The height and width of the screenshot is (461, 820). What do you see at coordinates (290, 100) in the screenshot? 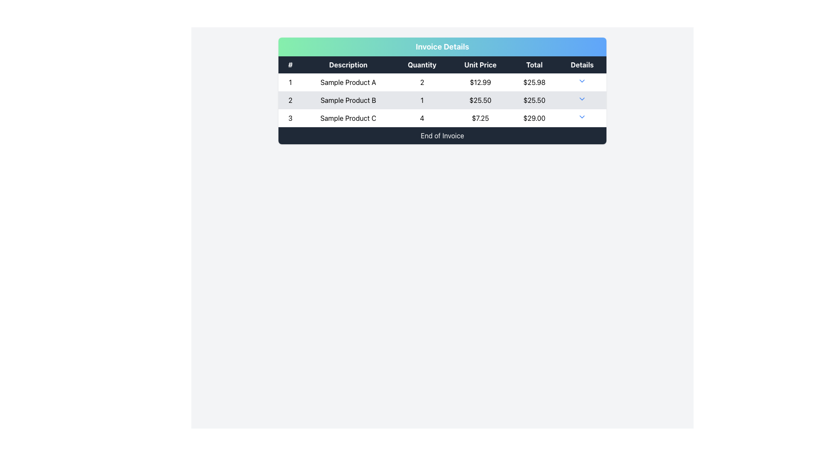
I see `the Text label that represents the row number for the table item in the second row under the '#' column, aligned with 'Sample Product B'` at bounding box center [290, 100].